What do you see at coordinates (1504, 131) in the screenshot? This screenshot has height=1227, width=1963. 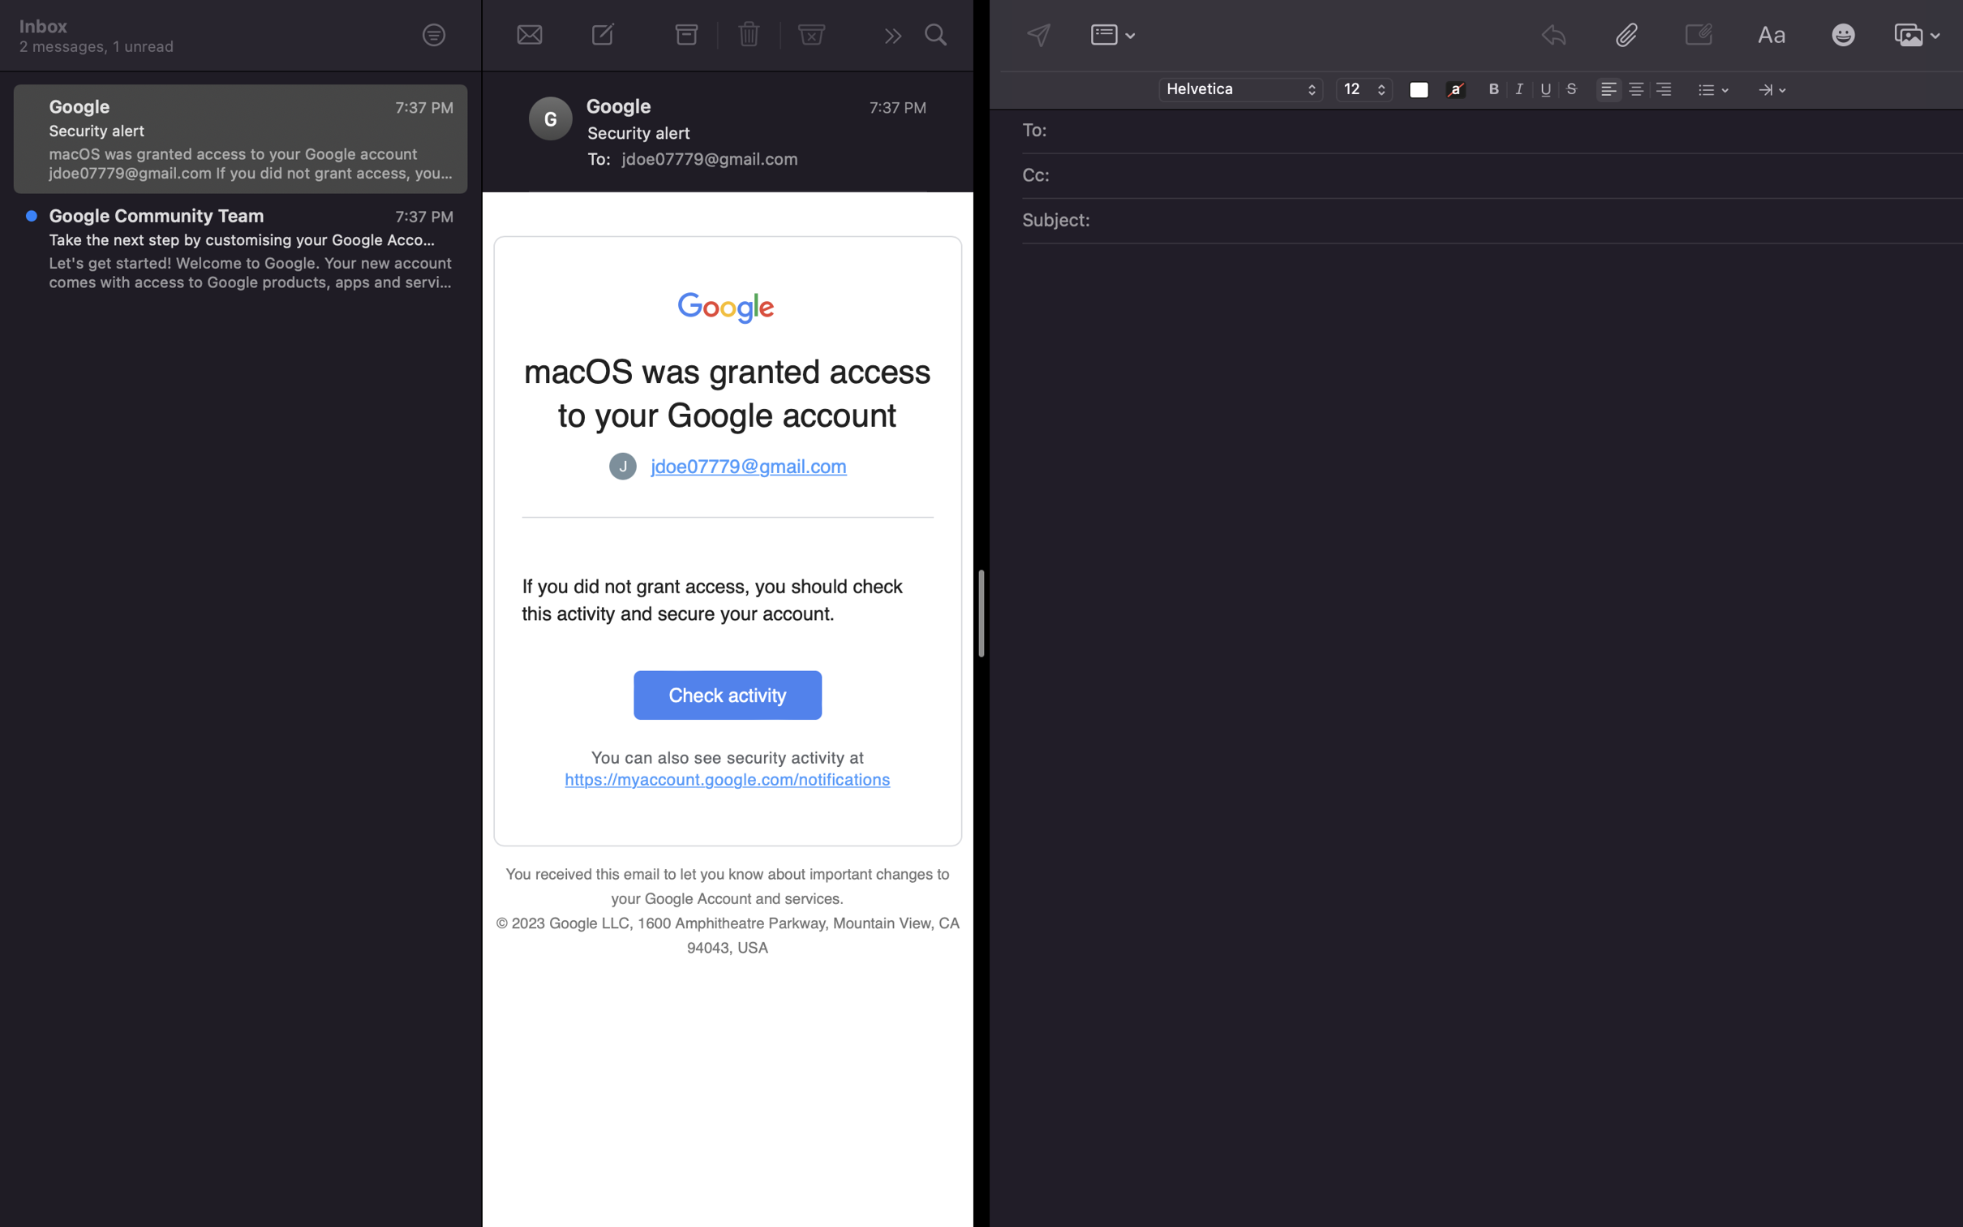 I see `Enter "lisa@gmail.com" in the recipient field of the email` at bounding box center [1504, 131].